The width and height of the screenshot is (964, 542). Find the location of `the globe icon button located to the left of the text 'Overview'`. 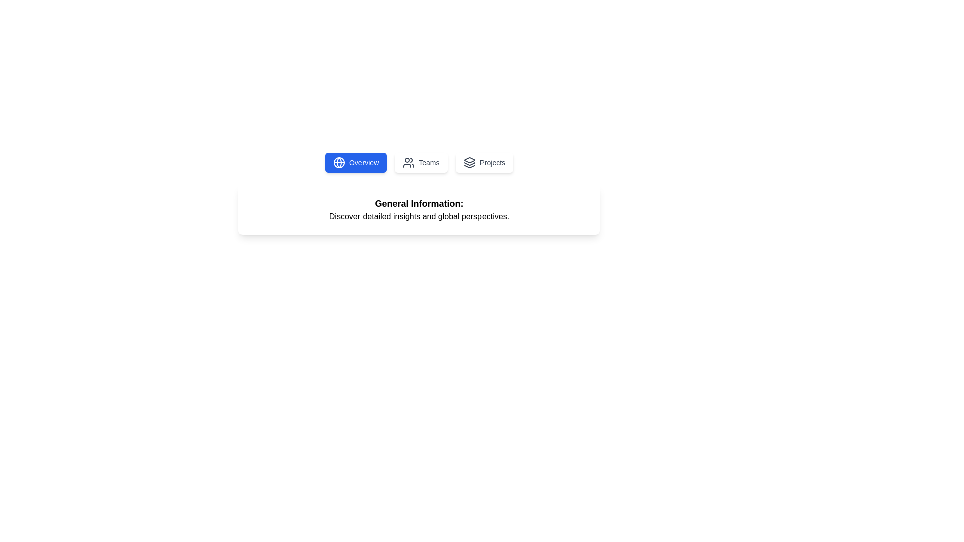

the globe icon button located to the left of the text 'Overview' is located at coordinates (339, 162).